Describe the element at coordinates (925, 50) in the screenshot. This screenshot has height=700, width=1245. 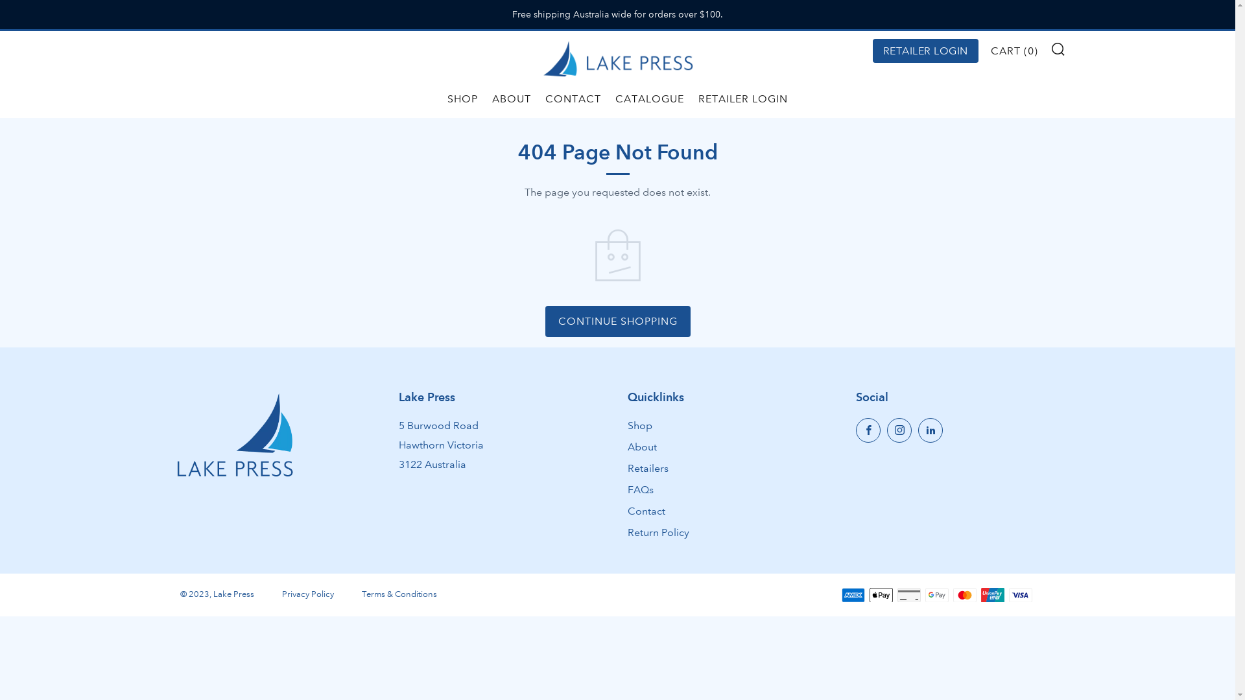
I see `'RETAILER LOGIN'` at that location.